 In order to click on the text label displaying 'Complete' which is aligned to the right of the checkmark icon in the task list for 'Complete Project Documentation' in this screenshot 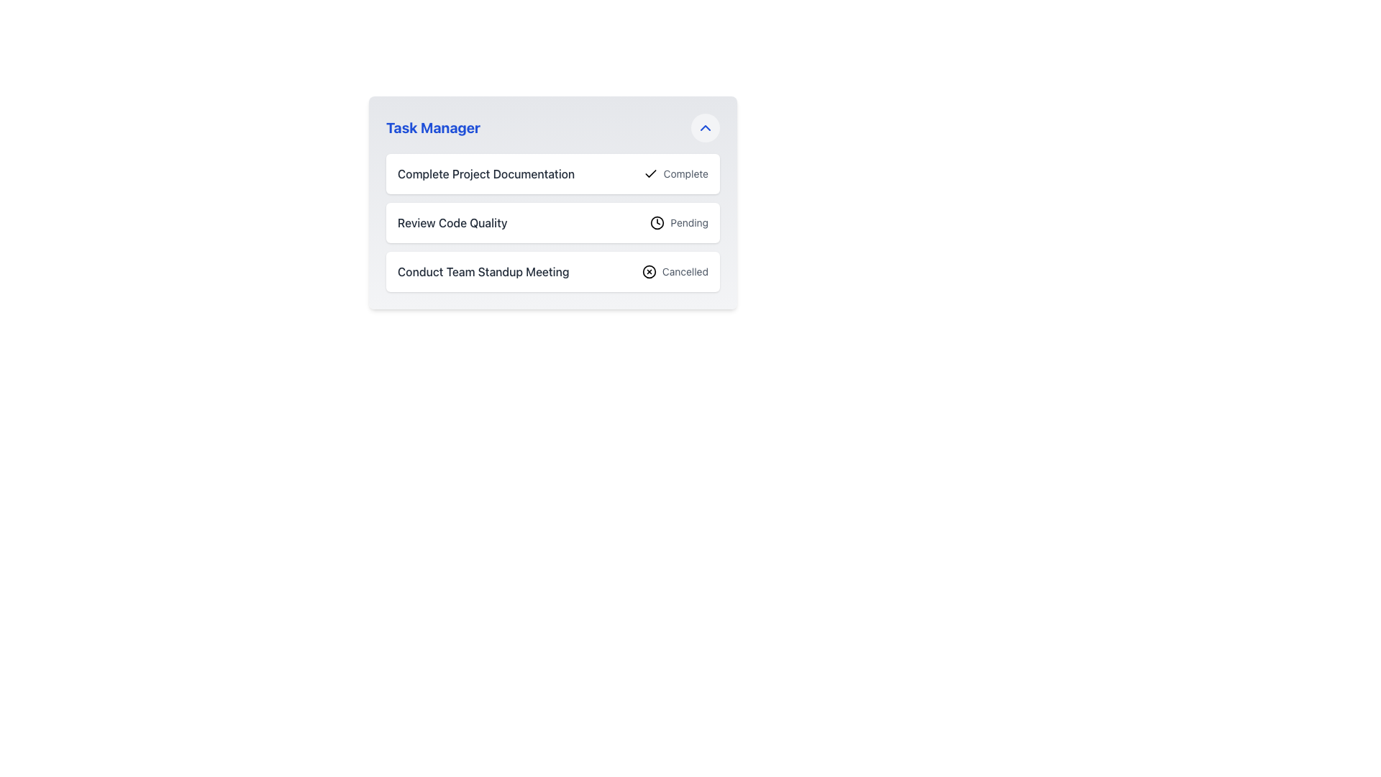, I will do `click(685, 173)`.